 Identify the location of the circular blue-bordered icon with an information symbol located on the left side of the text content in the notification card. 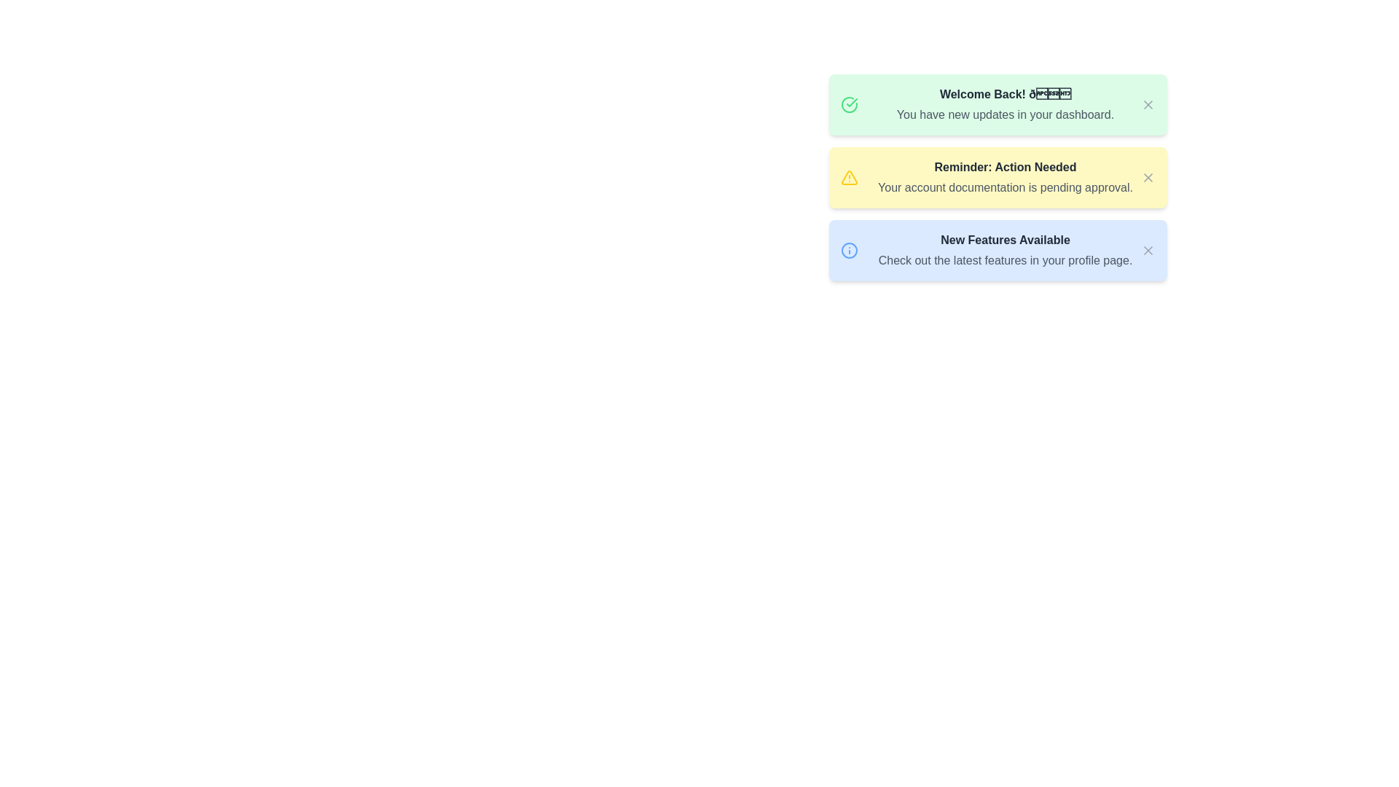
(850, 249).